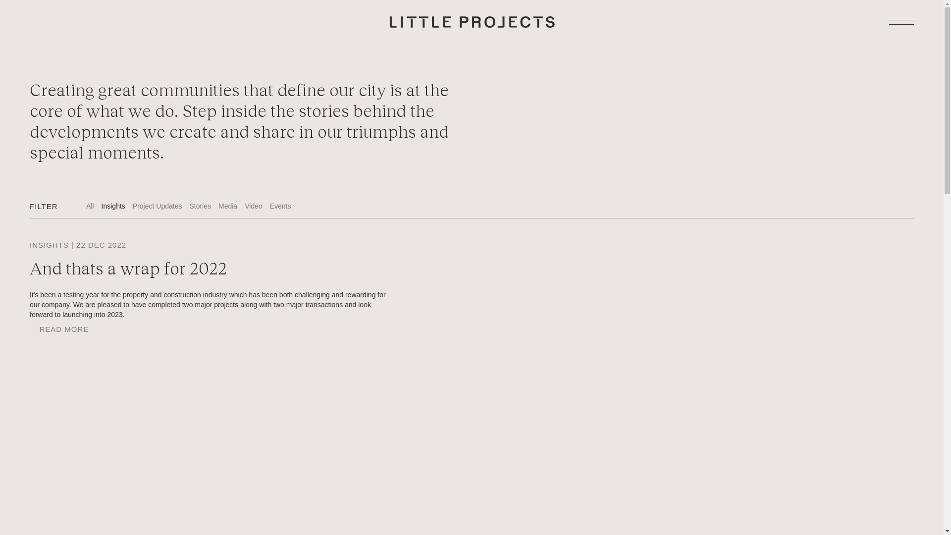 This screenshot has width=951, height=535. Describe the element at coordinates (58, 329) in the screenshot. I see `'READ MORE'` at that location.